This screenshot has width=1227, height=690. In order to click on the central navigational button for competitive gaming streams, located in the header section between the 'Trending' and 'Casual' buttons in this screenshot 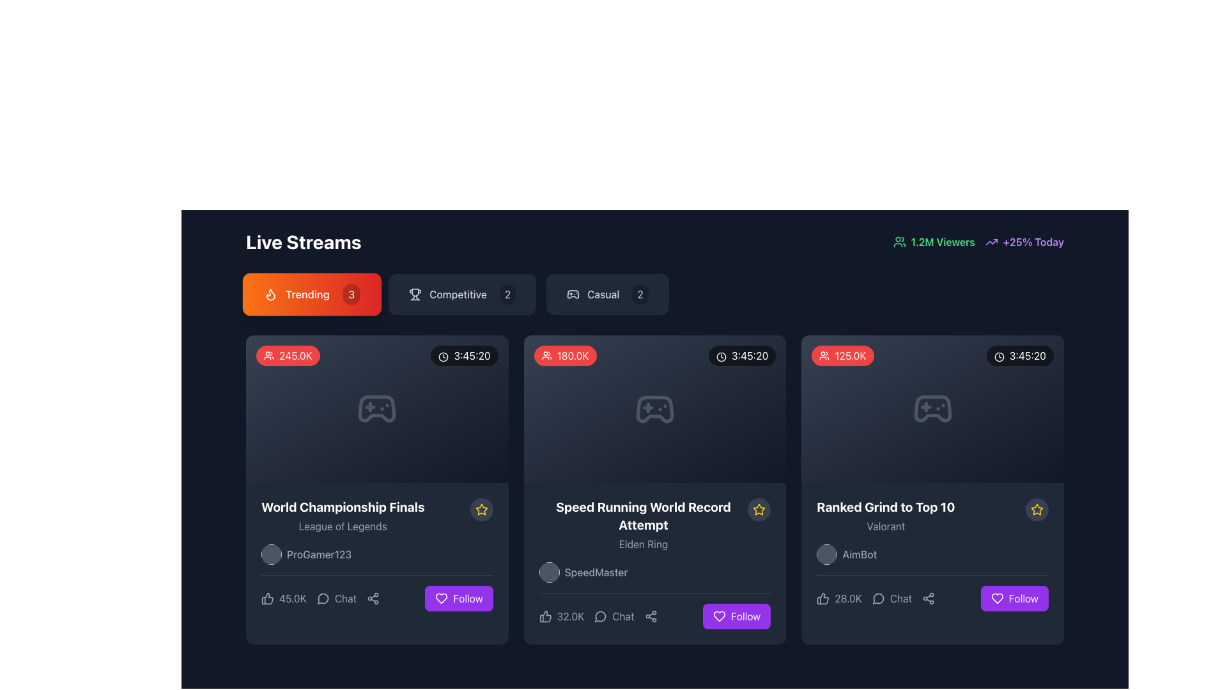, I will do `click(461, 295)`.